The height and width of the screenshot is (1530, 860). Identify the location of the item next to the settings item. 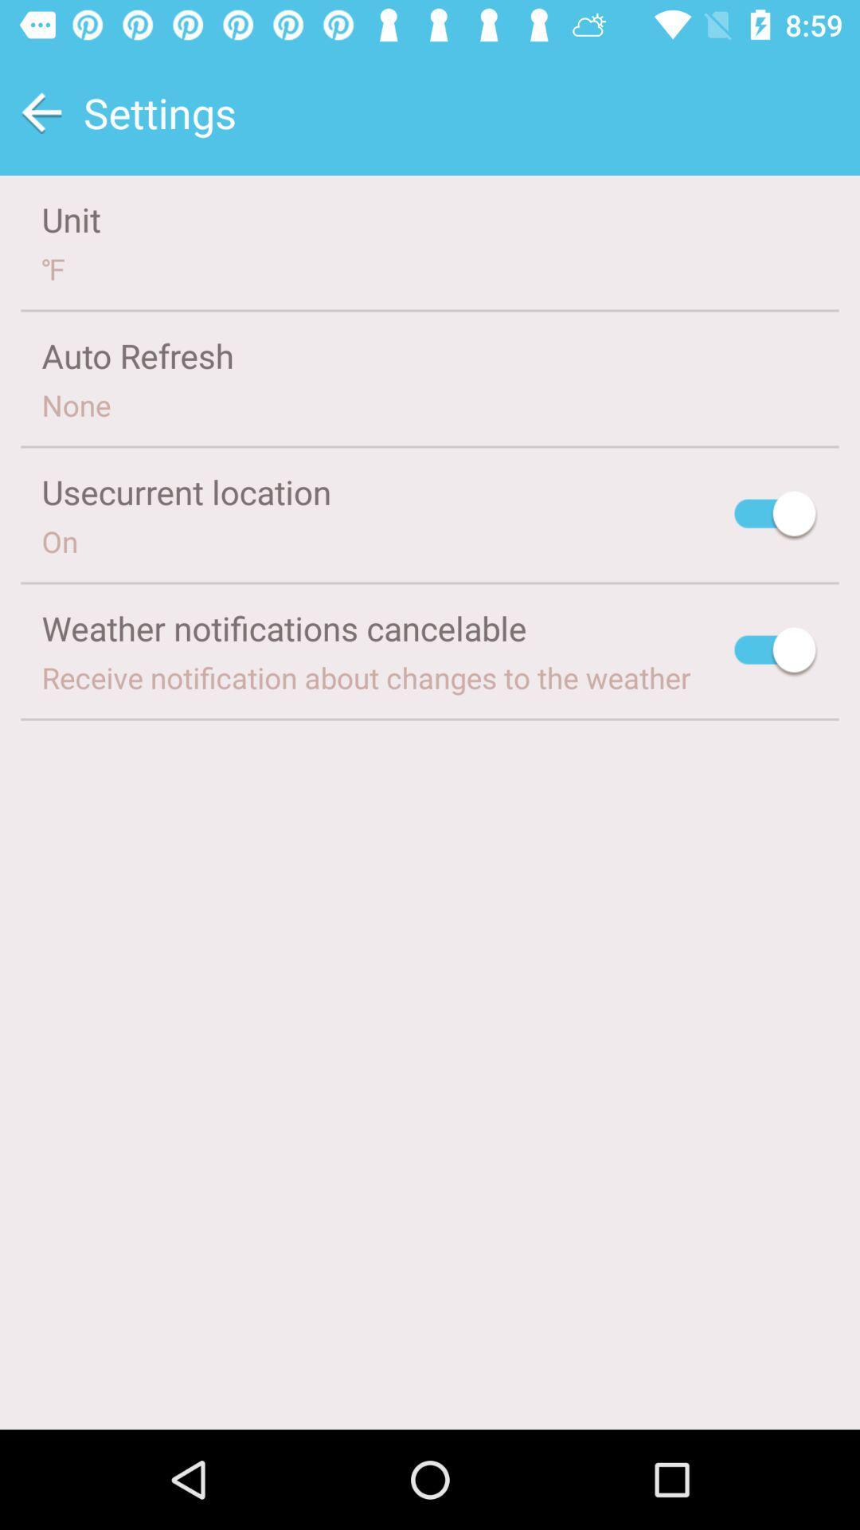
(41, 112).